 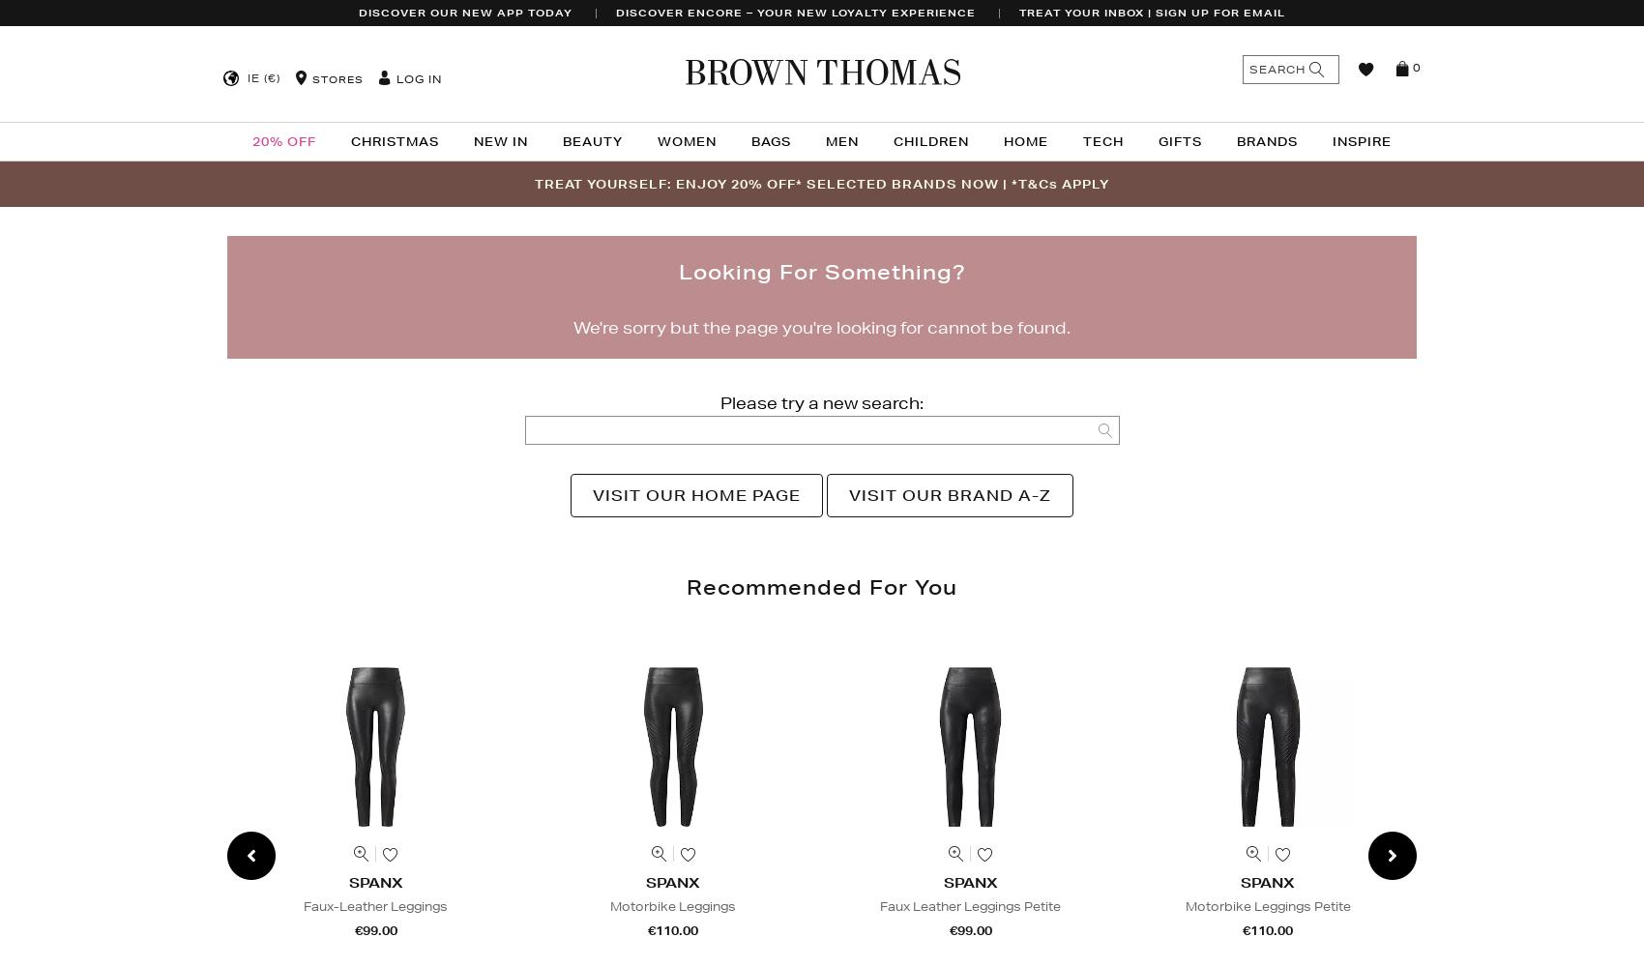 I want to click on 'Visit our home page', so click(x=696, y=495).